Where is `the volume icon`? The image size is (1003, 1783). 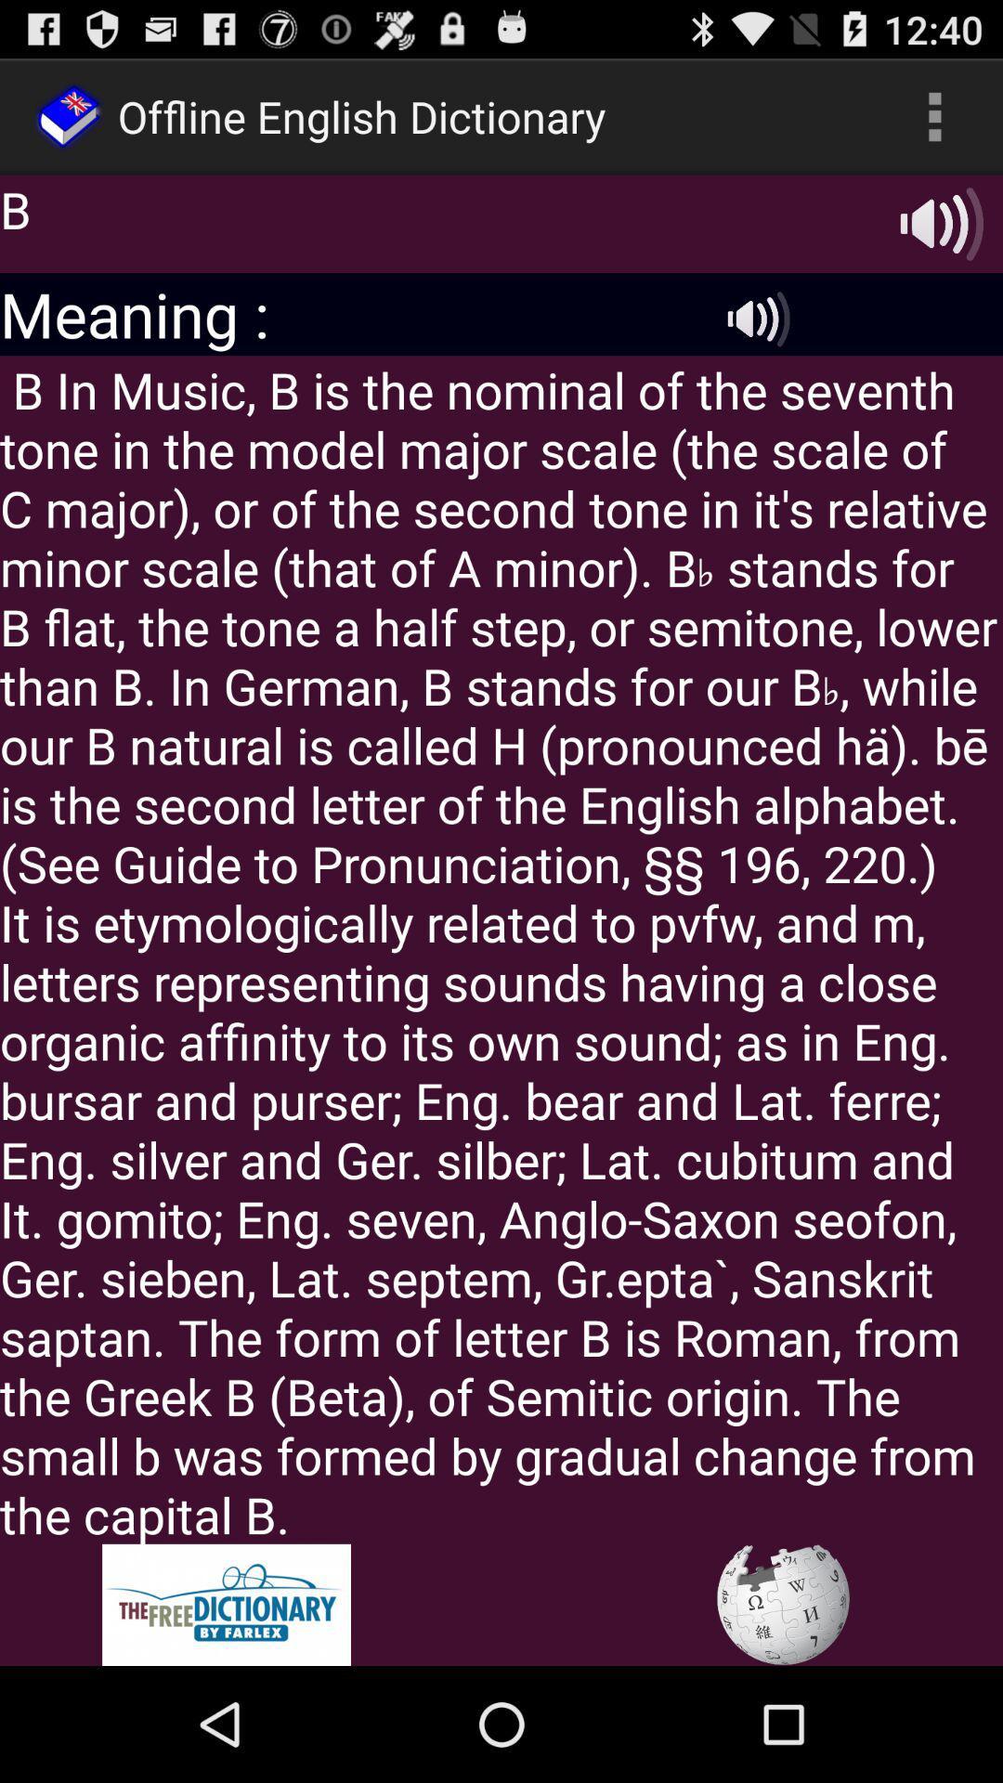
the volume icon is located at coordinates (942, 239).